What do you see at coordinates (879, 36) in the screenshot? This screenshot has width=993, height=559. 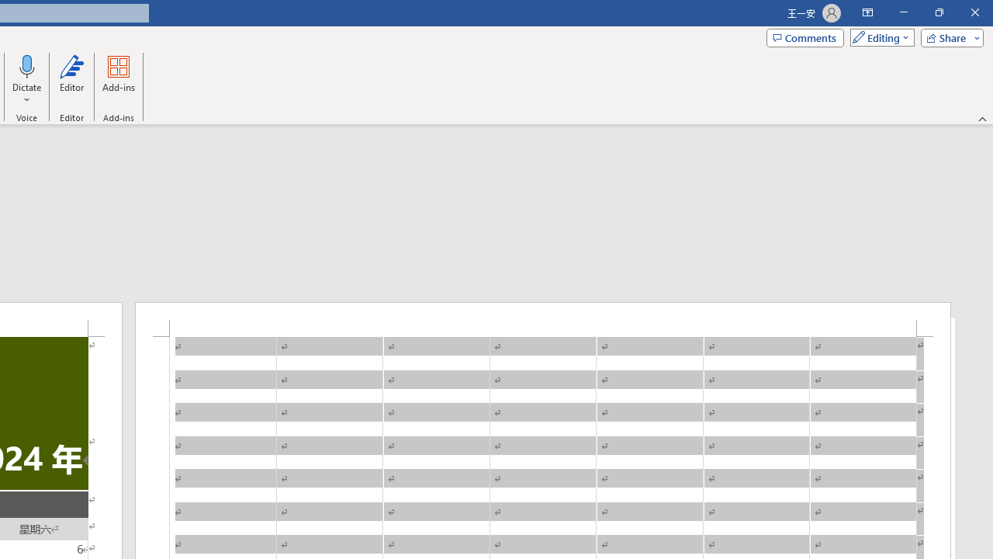 I see `'Mode'` at bounding box center [879, 36].